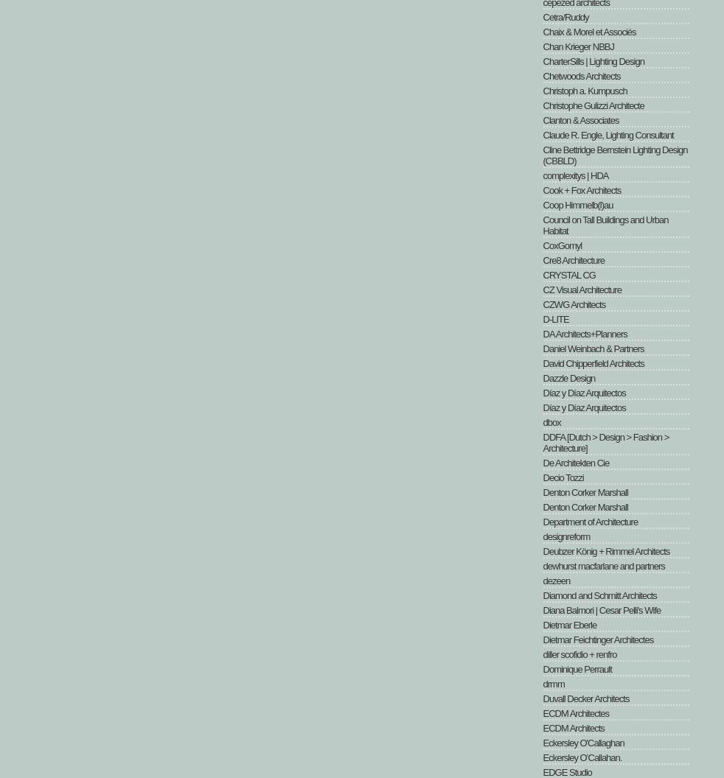 The height and width of the screenshot is (778, 724). What do you see at coordinates (542, 245) in the screenshot?
I see `'CoxGomyl'` at bounding box center [542, 245].